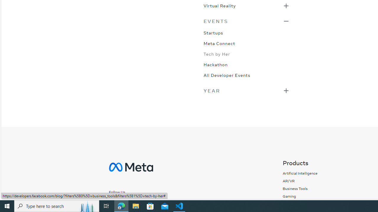 This screenshot has width=378, height=212. Describe the element at coordinates (112, 202) in the screenshot. I see `'Follow us on Facebook'` at that location.